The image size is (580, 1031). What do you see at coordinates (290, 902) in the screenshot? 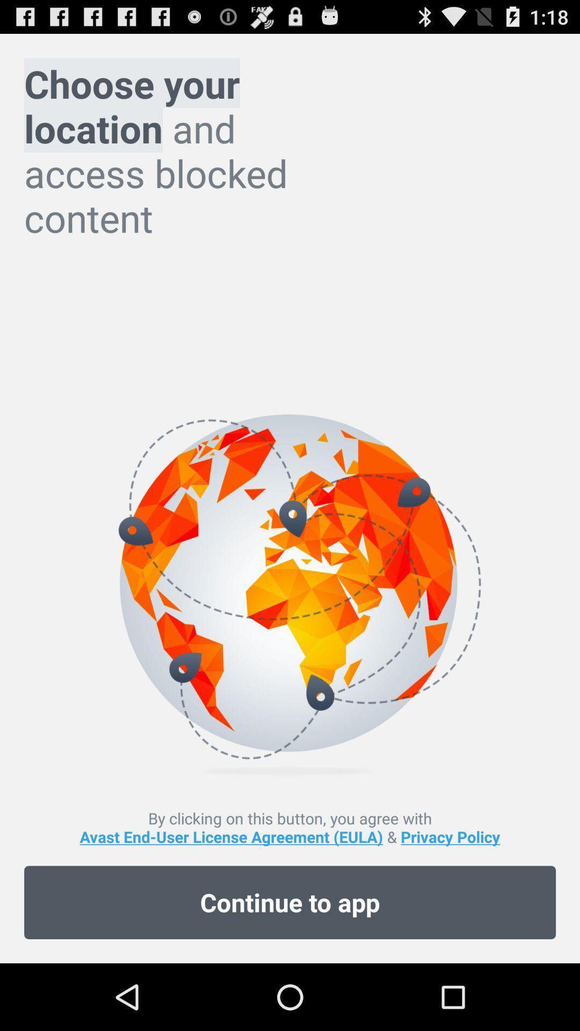
I see `icon below by clicking on app` at bounding box center [290, 902].